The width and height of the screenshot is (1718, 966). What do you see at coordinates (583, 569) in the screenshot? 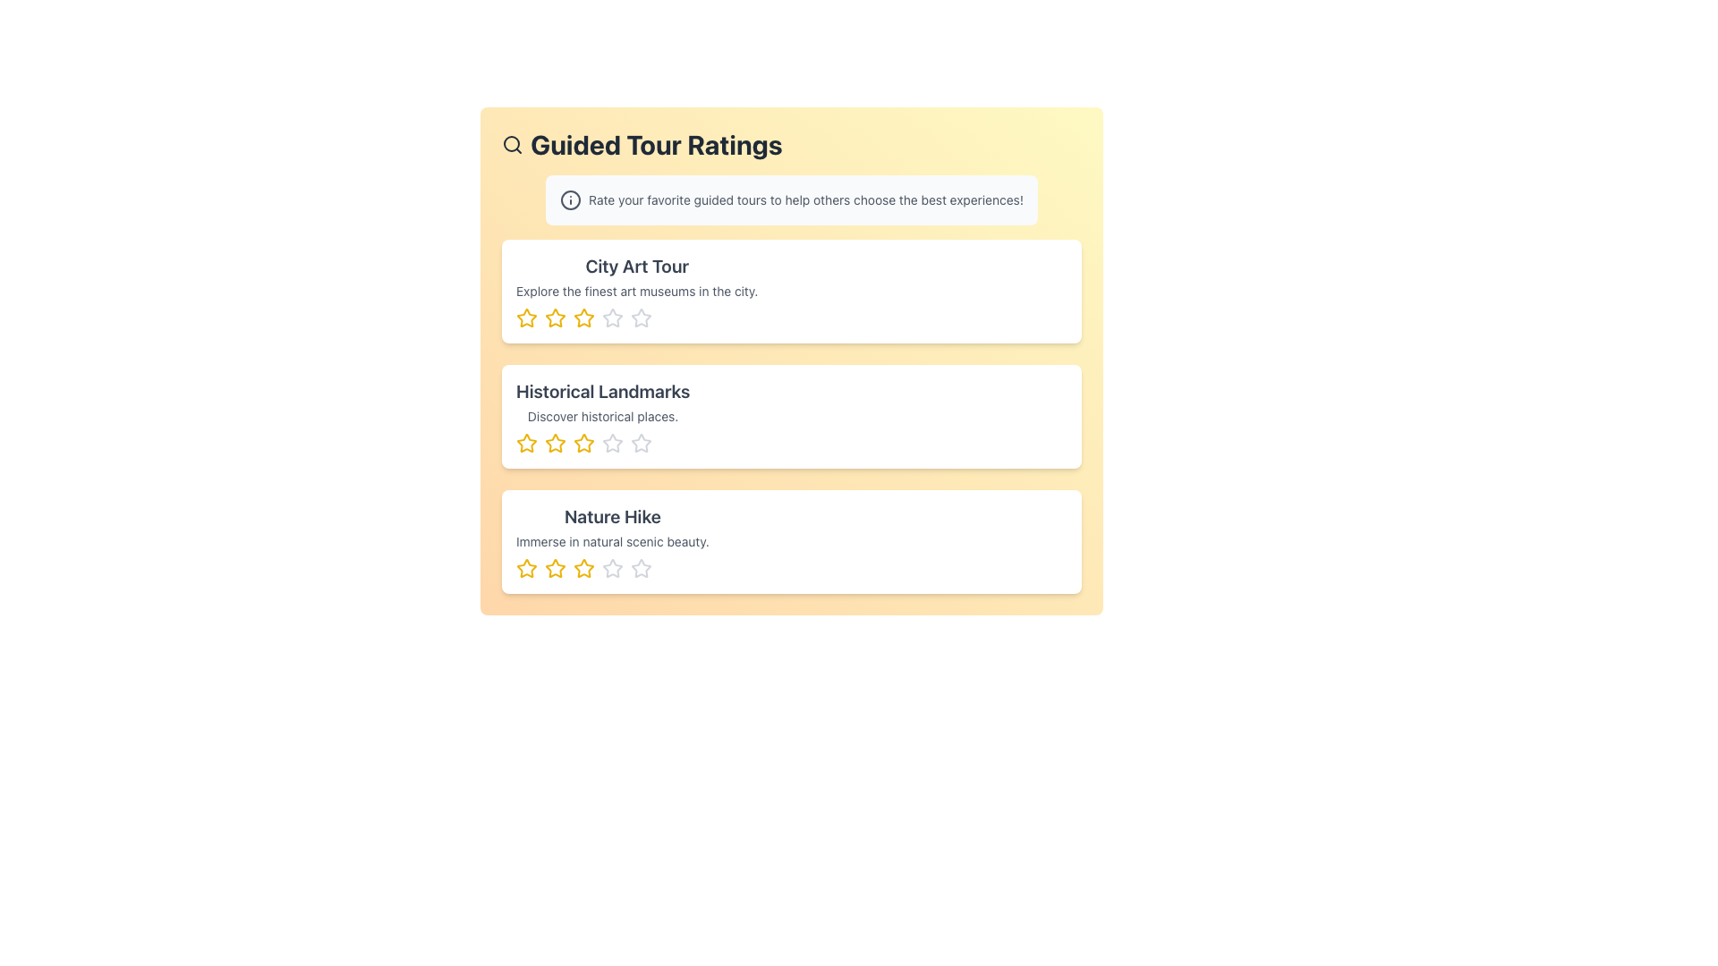
I see `the third yellow star icon in the 'Nature Hike' rating section to potentially view additional information` at bounding box center [583, 569].